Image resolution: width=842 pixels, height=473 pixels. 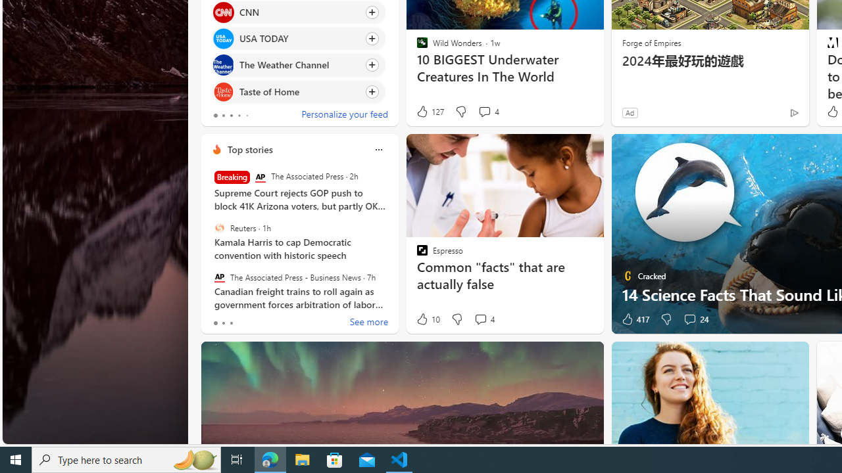 I want to click on 'CNN', so click(x=223, y=12).